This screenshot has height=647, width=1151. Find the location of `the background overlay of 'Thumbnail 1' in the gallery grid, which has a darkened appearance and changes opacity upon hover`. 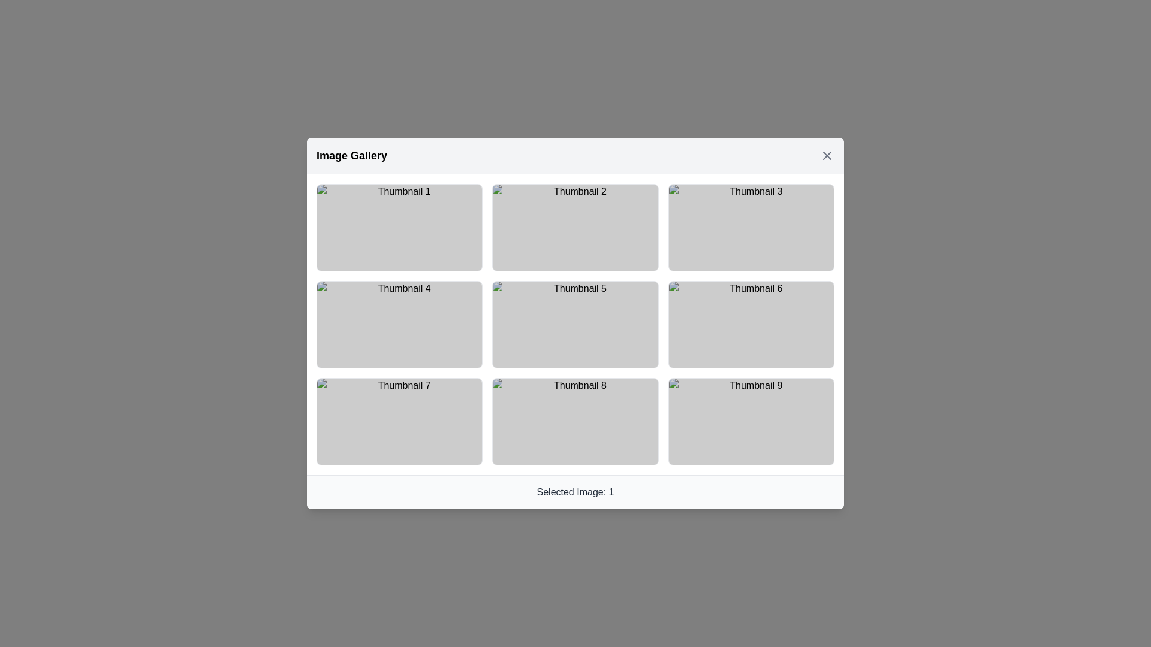

the background overlay of 'Thumbnail 1' in the gallery grid, which has a darkened appearance and changes opacity upon hover is located at coordinates (399, 228).